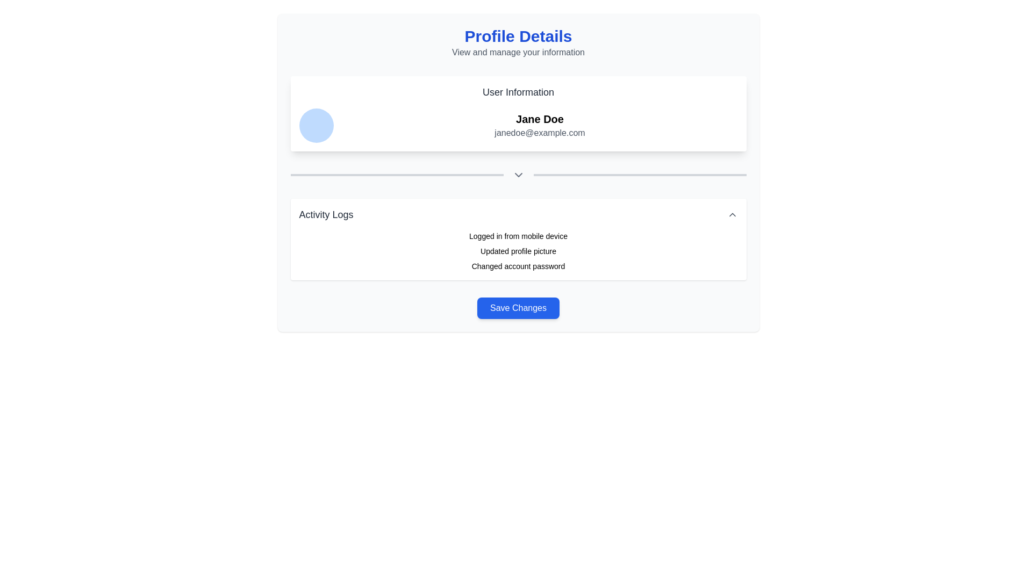 The height and width of the screenshot is (580, 1032). Describe the element at coordinates (518, 251) in the screenshot. I see `the activity log entry that informs the user about the update of their profile picture, which is the second item in the 'Activity Logs' section located below 'Logged in from mobile device'` at that location.